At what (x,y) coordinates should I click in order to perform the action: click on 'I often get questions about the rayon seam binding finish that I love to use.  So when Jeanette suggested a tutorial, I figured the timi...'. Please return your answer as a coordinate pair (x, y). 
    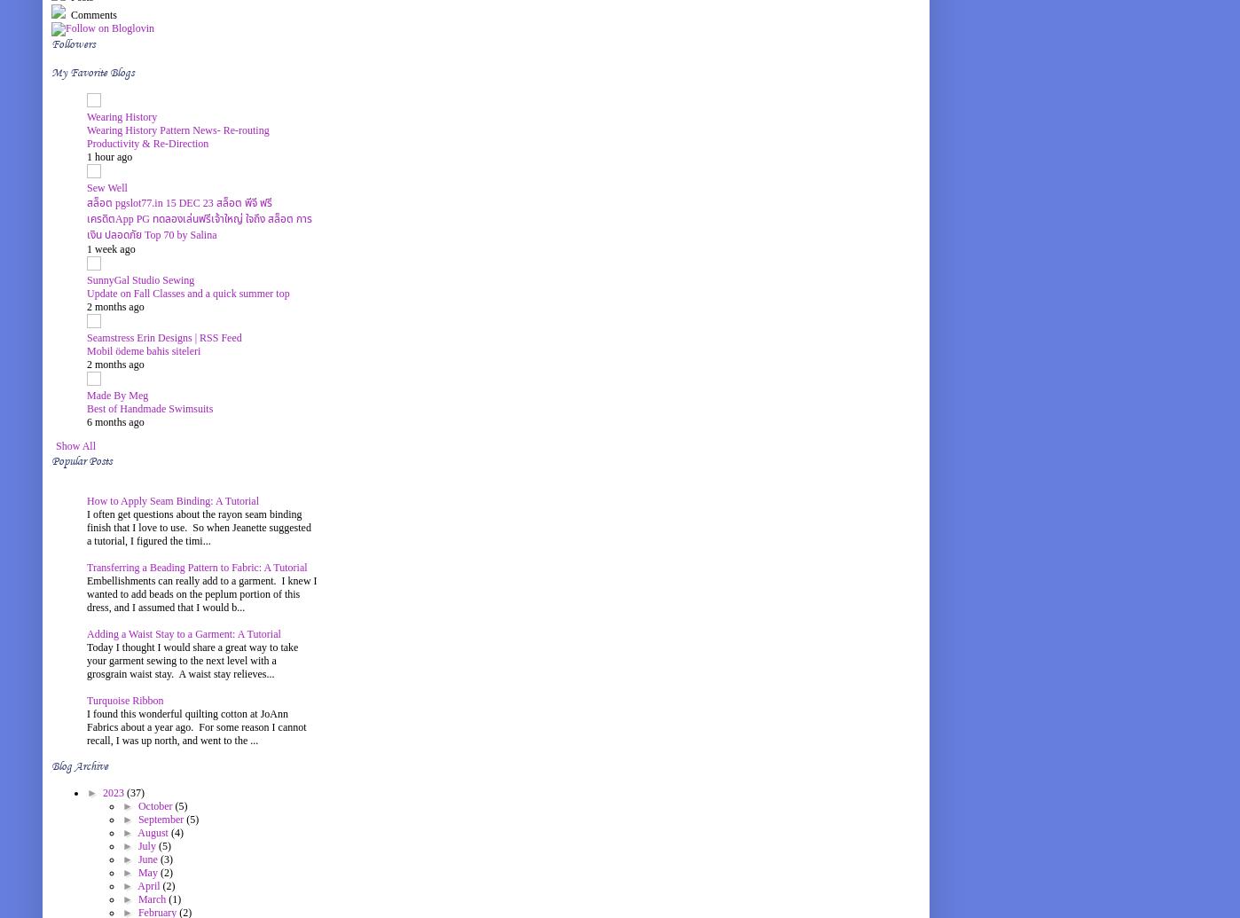
    Looking at the image, I should click on (198, 527).